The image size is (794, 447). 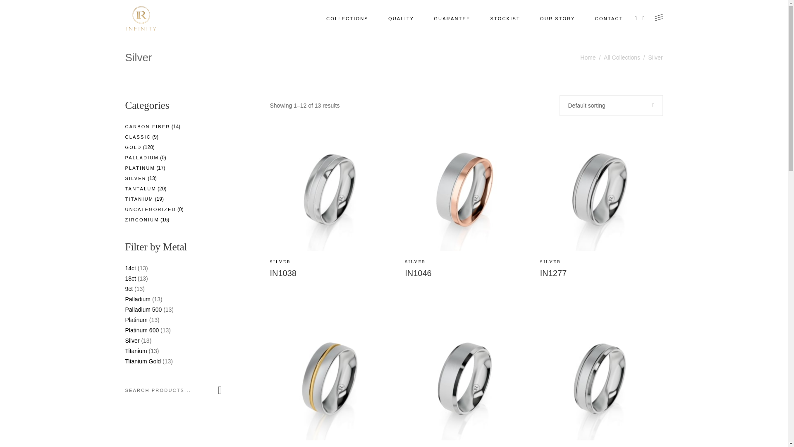 What do you see at coordinates (128, 288) in the screenshot?
I see `'9ct'` at bounding box center [128, 288].